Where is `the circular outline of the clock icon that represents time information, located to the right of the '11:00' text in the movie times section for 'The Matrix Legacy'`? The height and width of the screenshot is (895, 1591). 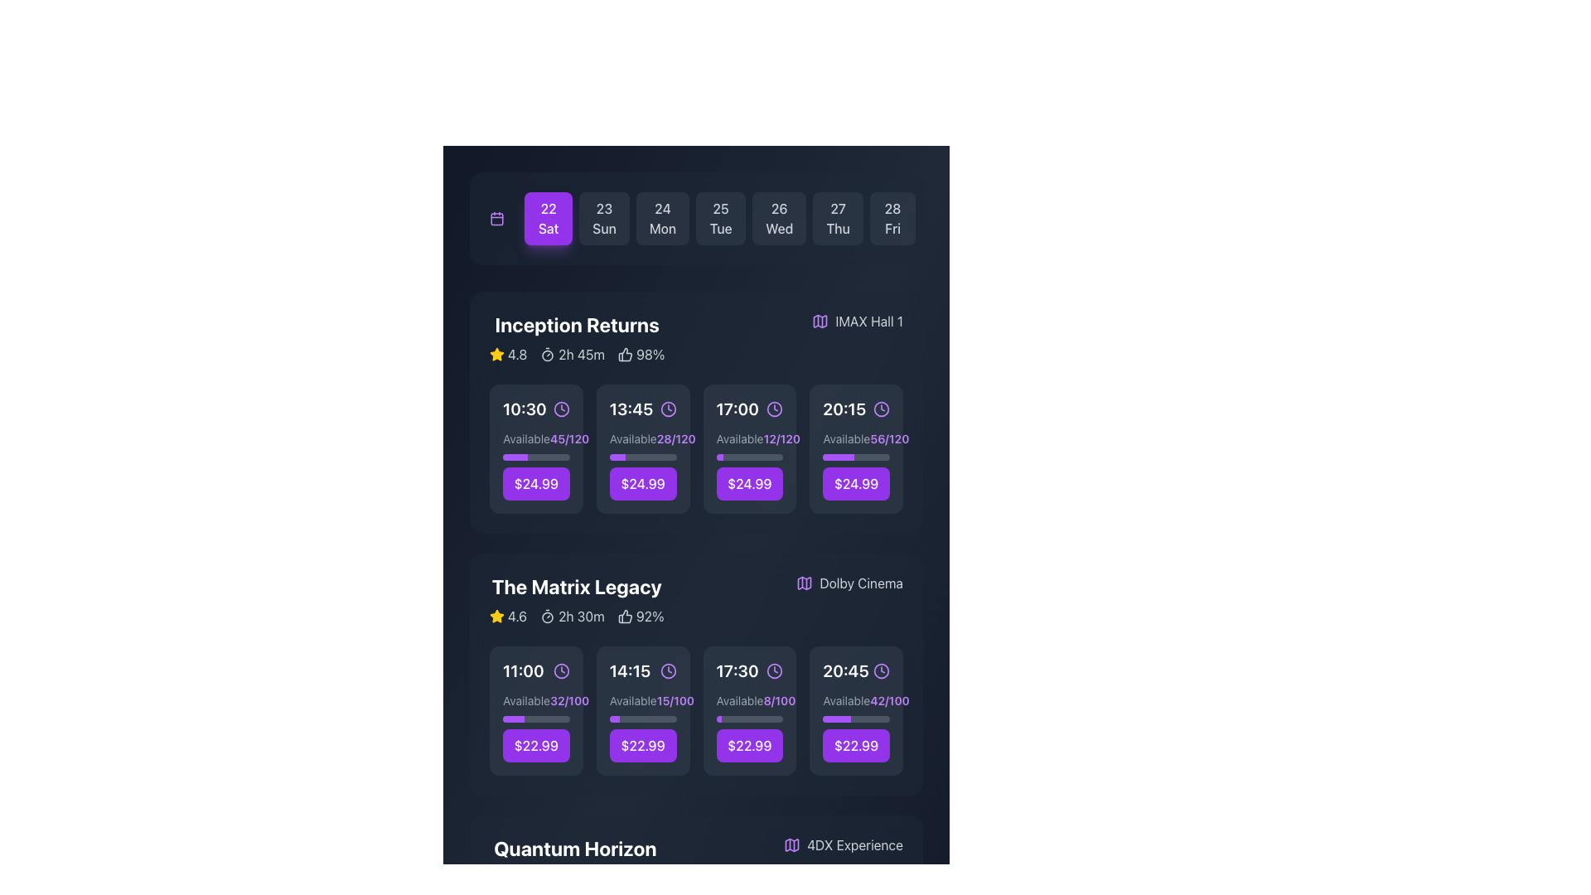 the circular outline of the clock icon that represents time information, located to the right of the '11:00' text in the movie times section for 'The Matrix Legacy' is located at coordinates (561, 671).